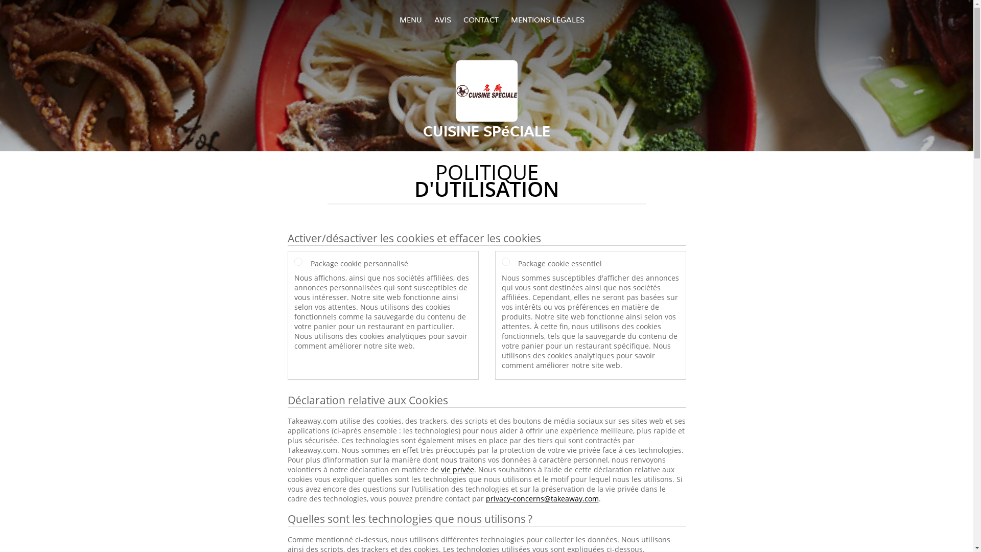 The height and width of the screenshot is (552, 981). What do you see at coordinates (442, 19) in the screenshot?
I see `'AVIS'` at bounding box center [442, 19].